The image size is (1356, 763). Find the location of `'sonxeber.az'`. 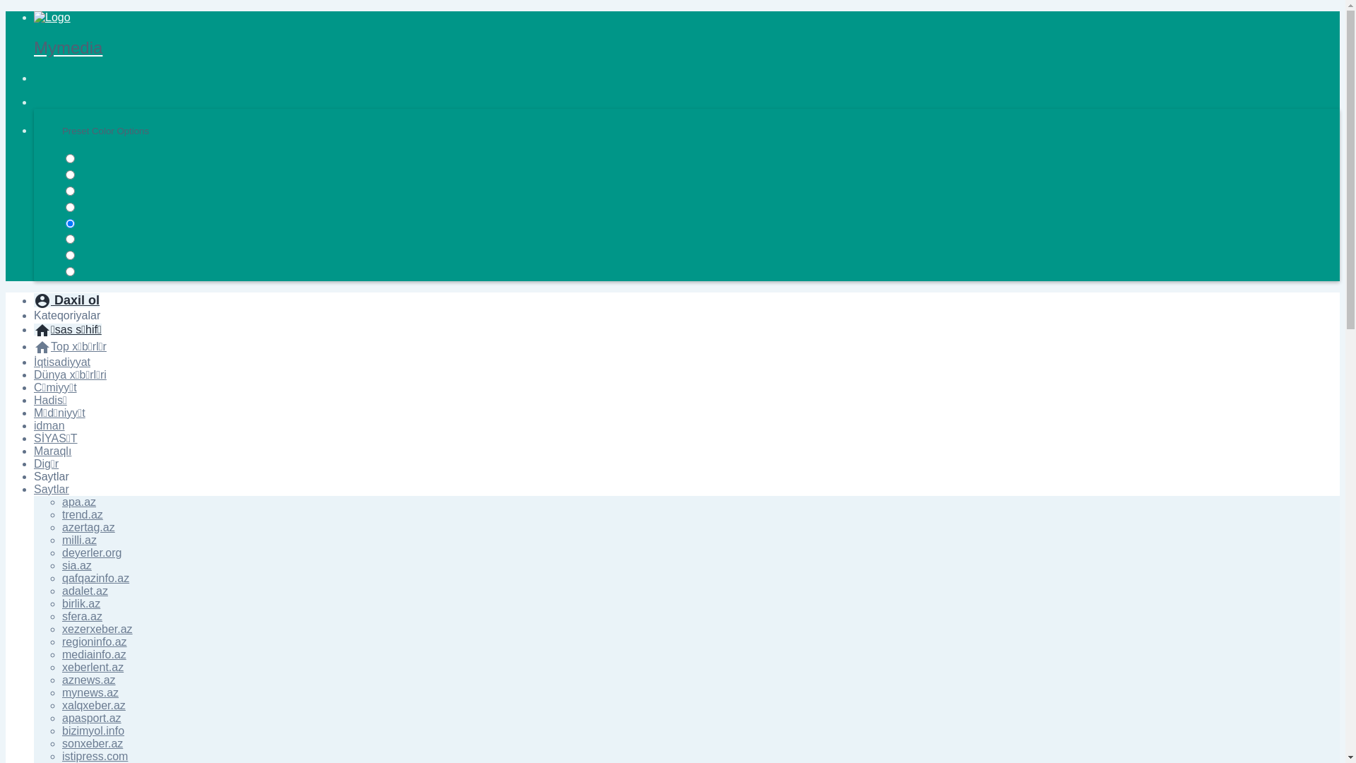

'sonxeber.az' is located at coordinates (91, 743).